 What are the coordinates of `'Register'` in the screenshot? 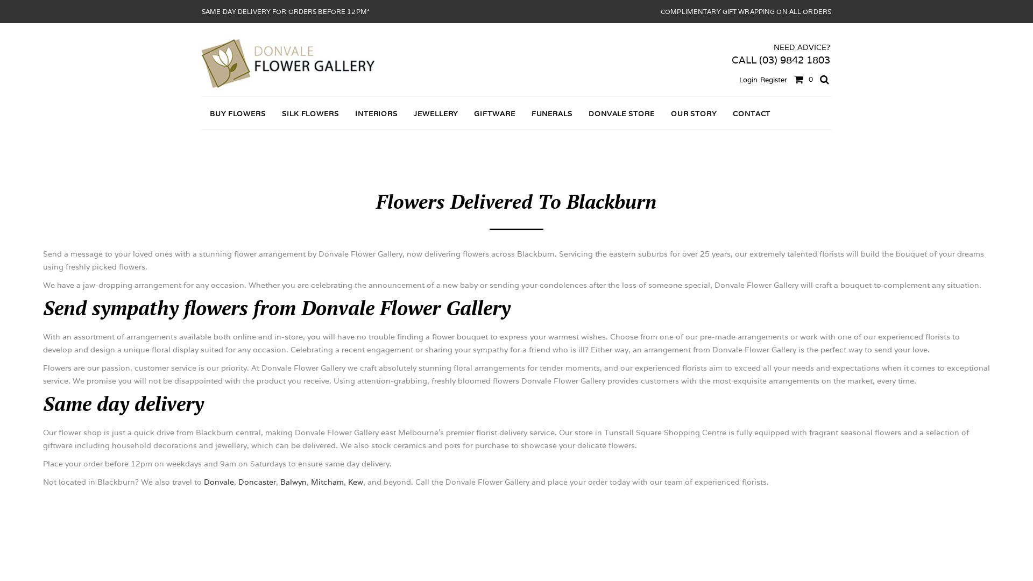 It's located at (773, 79).